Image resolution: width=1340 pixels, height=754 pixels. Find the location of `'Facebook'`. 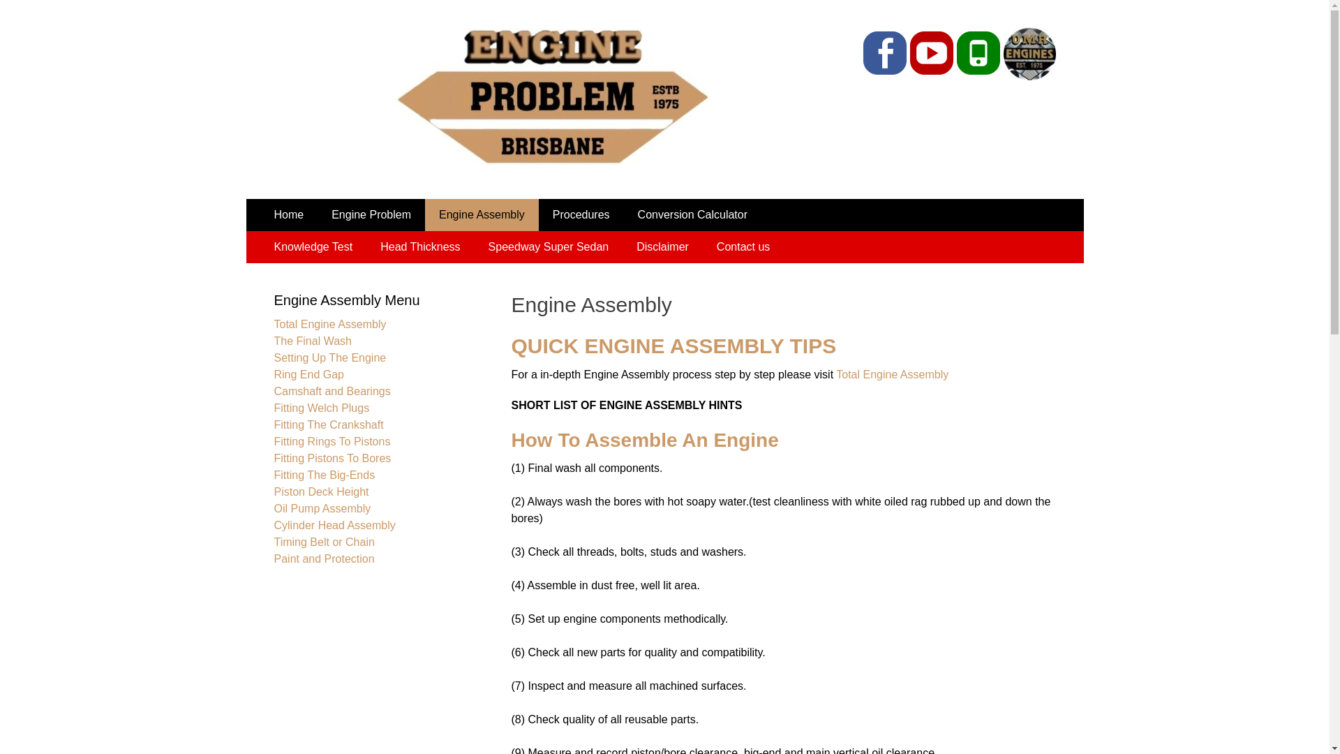

'Facebook' is located at coordinates (884, 52).